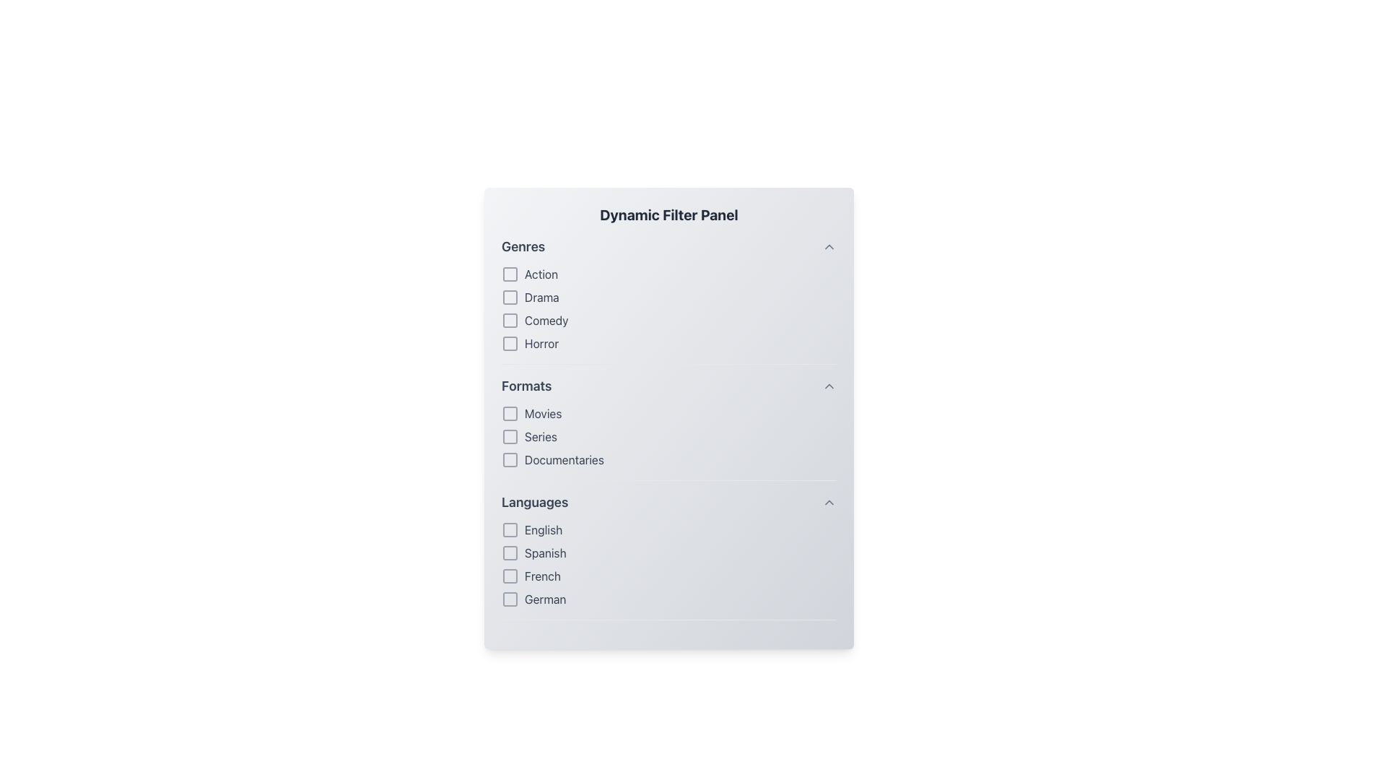  What do you see at coordinates (543, 529) in the screenshot?
I see `the 'English' text label located within the 'Languages' section of the filter panel, which is the first option in the list of selectable languages` at bounding box center [543, 529].